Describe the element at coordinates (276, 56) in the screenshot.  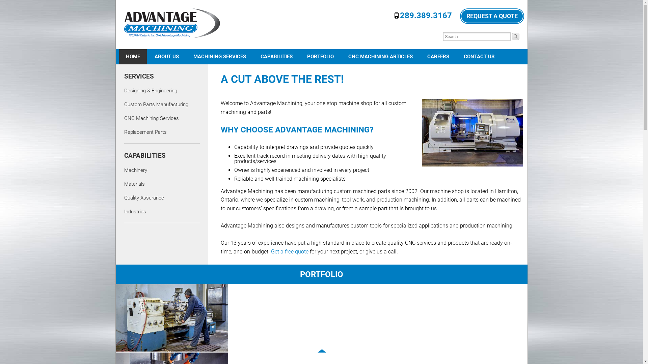
I see `'CAPABILITIES'` at that location.